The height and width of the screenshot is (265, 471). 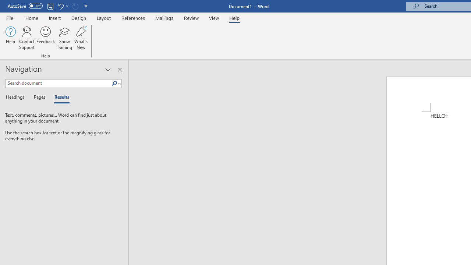 I want to click on 'References', so click(x=133, y=18).